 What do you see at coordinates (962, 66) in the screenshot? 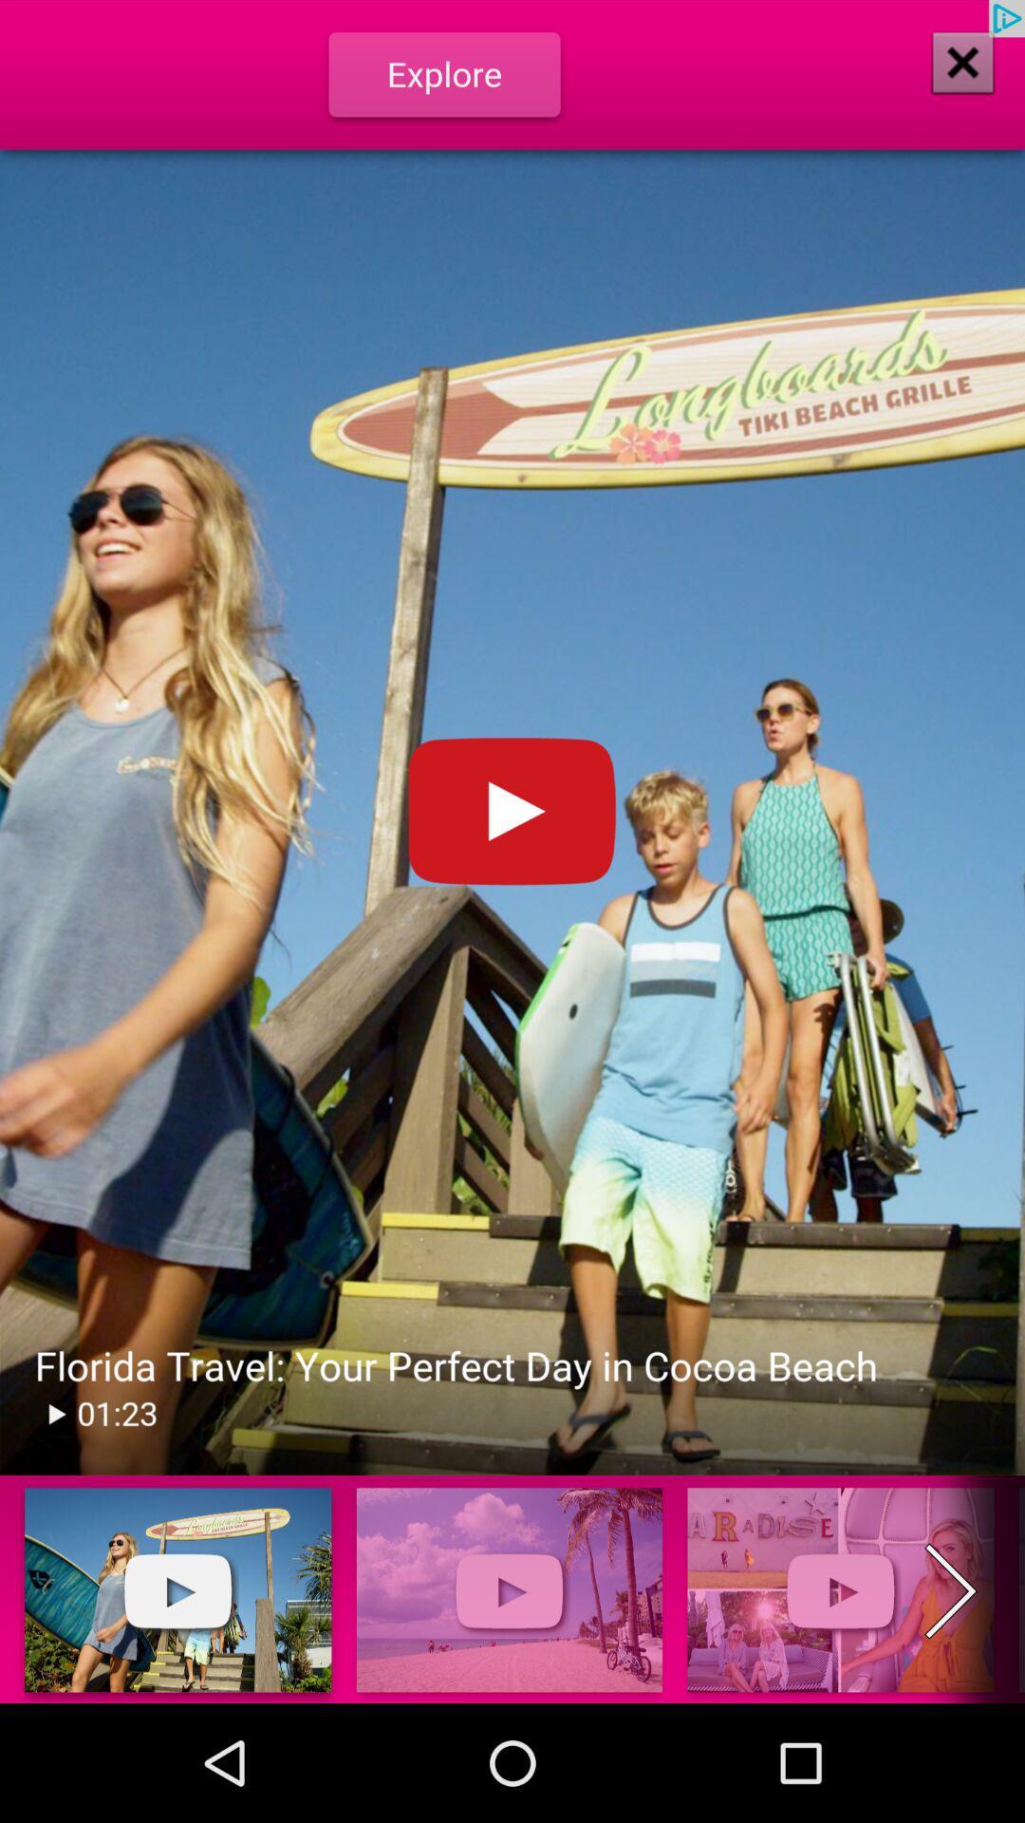
I see `the close icon` at bounding box center [962, 66].